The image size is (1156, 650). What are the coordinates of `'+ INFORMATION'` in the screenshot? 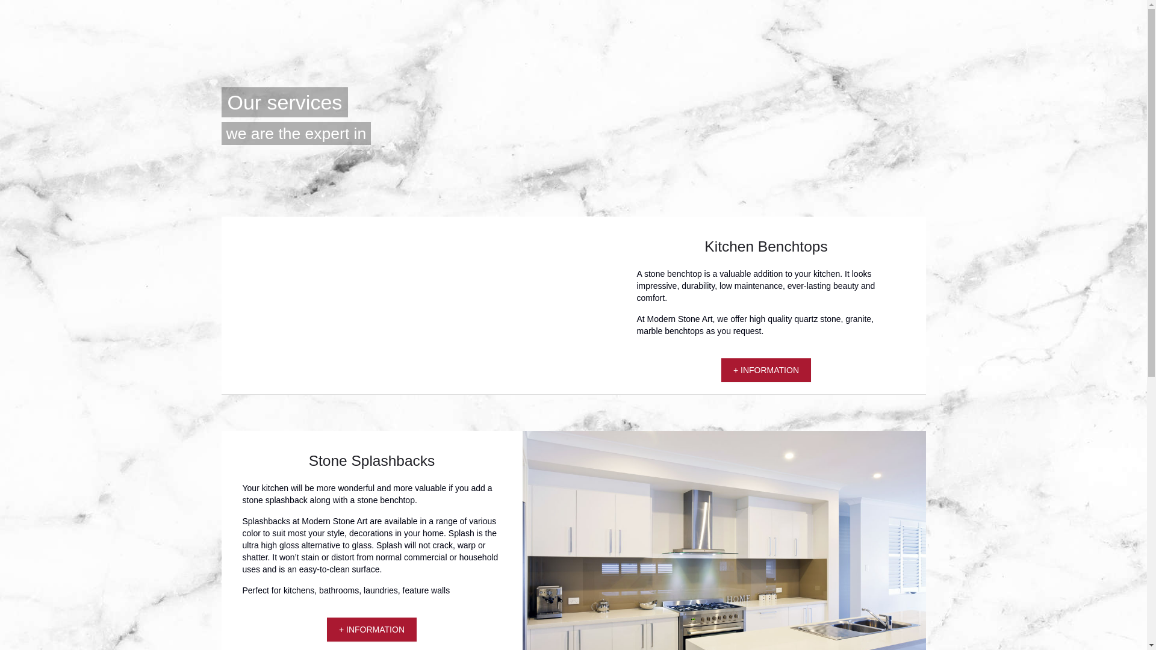 It's located at (371, 628).